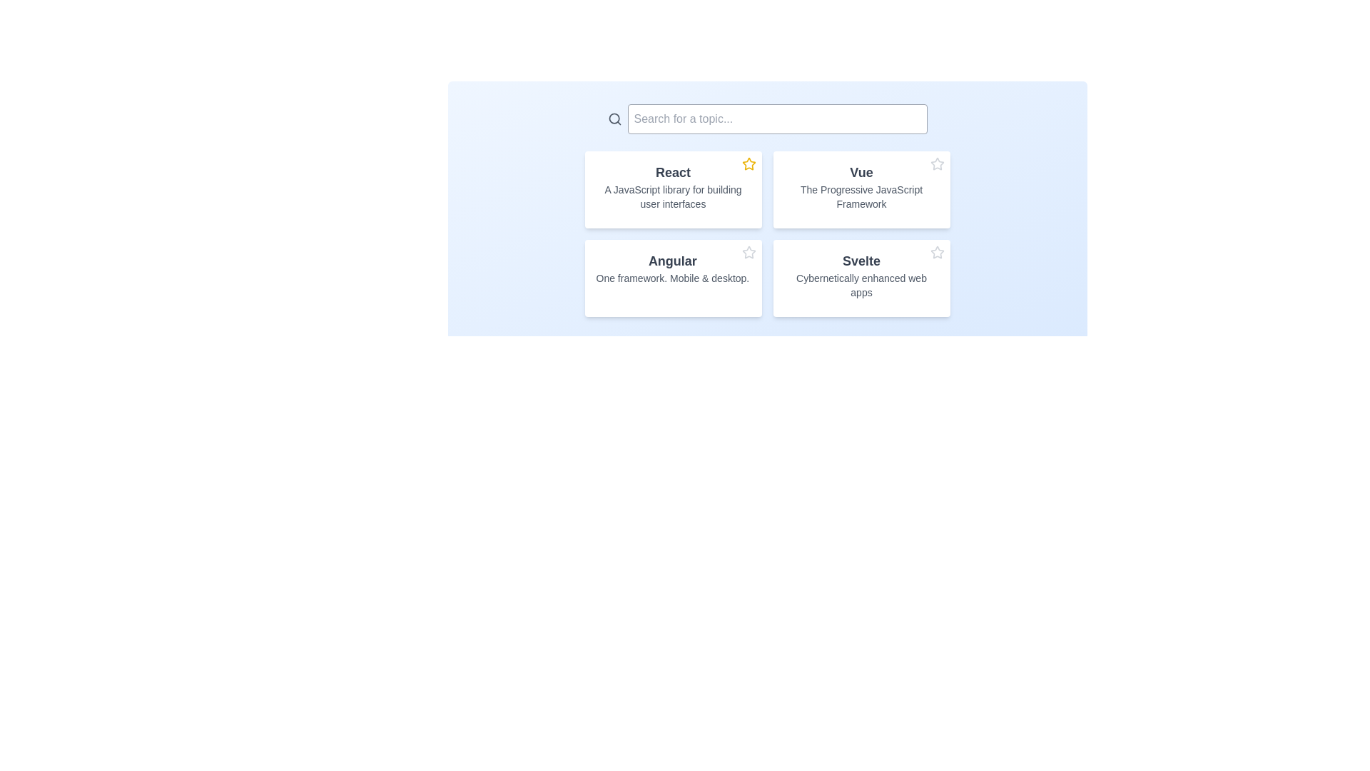 Image resolution: width=1370 pixels, height=771 pixels. What do you see at coordinates (748, 251) in the screenshot?
I see `the star icon located at the bottom right corner of the 'Angular' card tile` at bounding box center [748, 251].